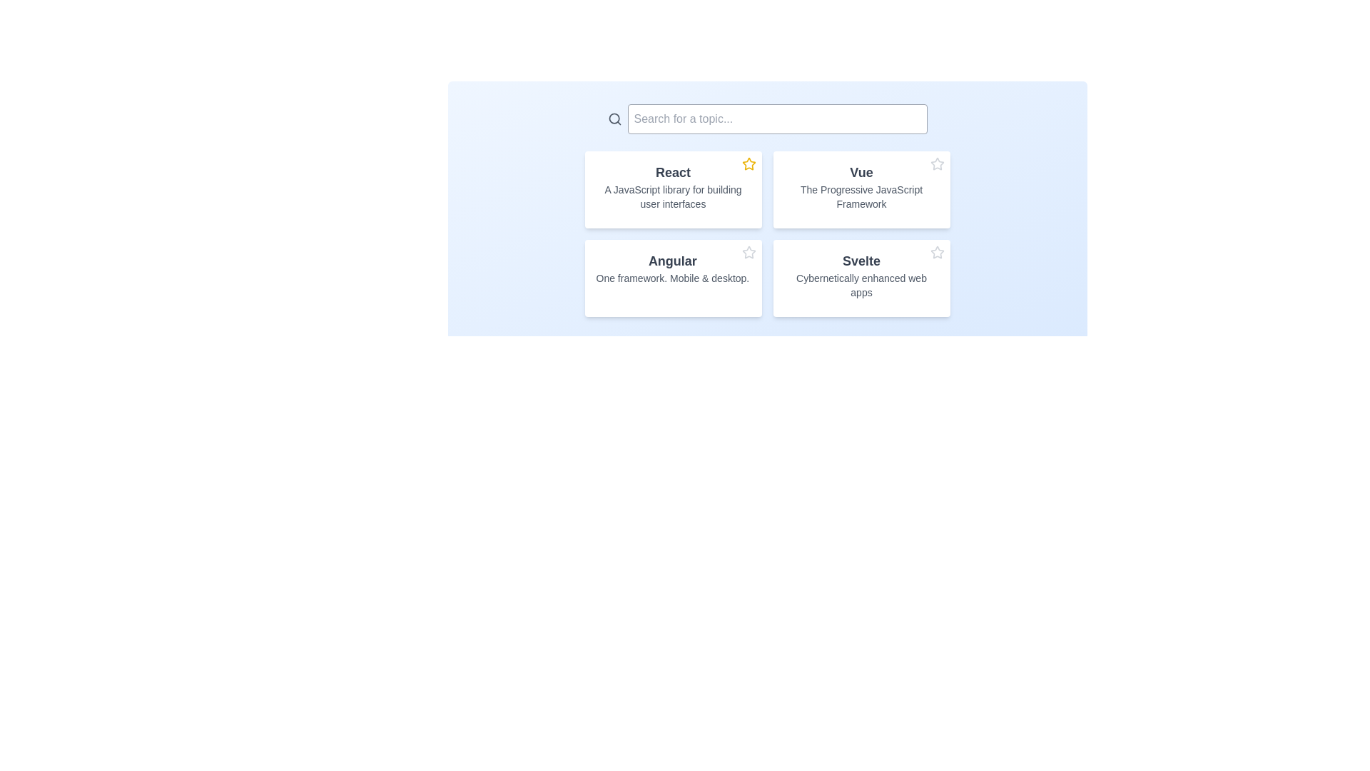 Image resolution: width=1370 pixels, height=771 pixels. What do you see at coordinates (748, 251) in the screenshot?
I see `the star icon located at the bottom right corner of the 'Angular' card tile` at bounding box center [748, 251].